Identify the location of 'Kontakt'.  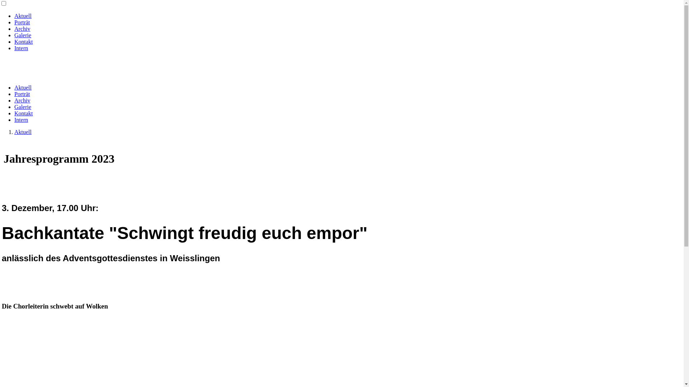
(24, 113).